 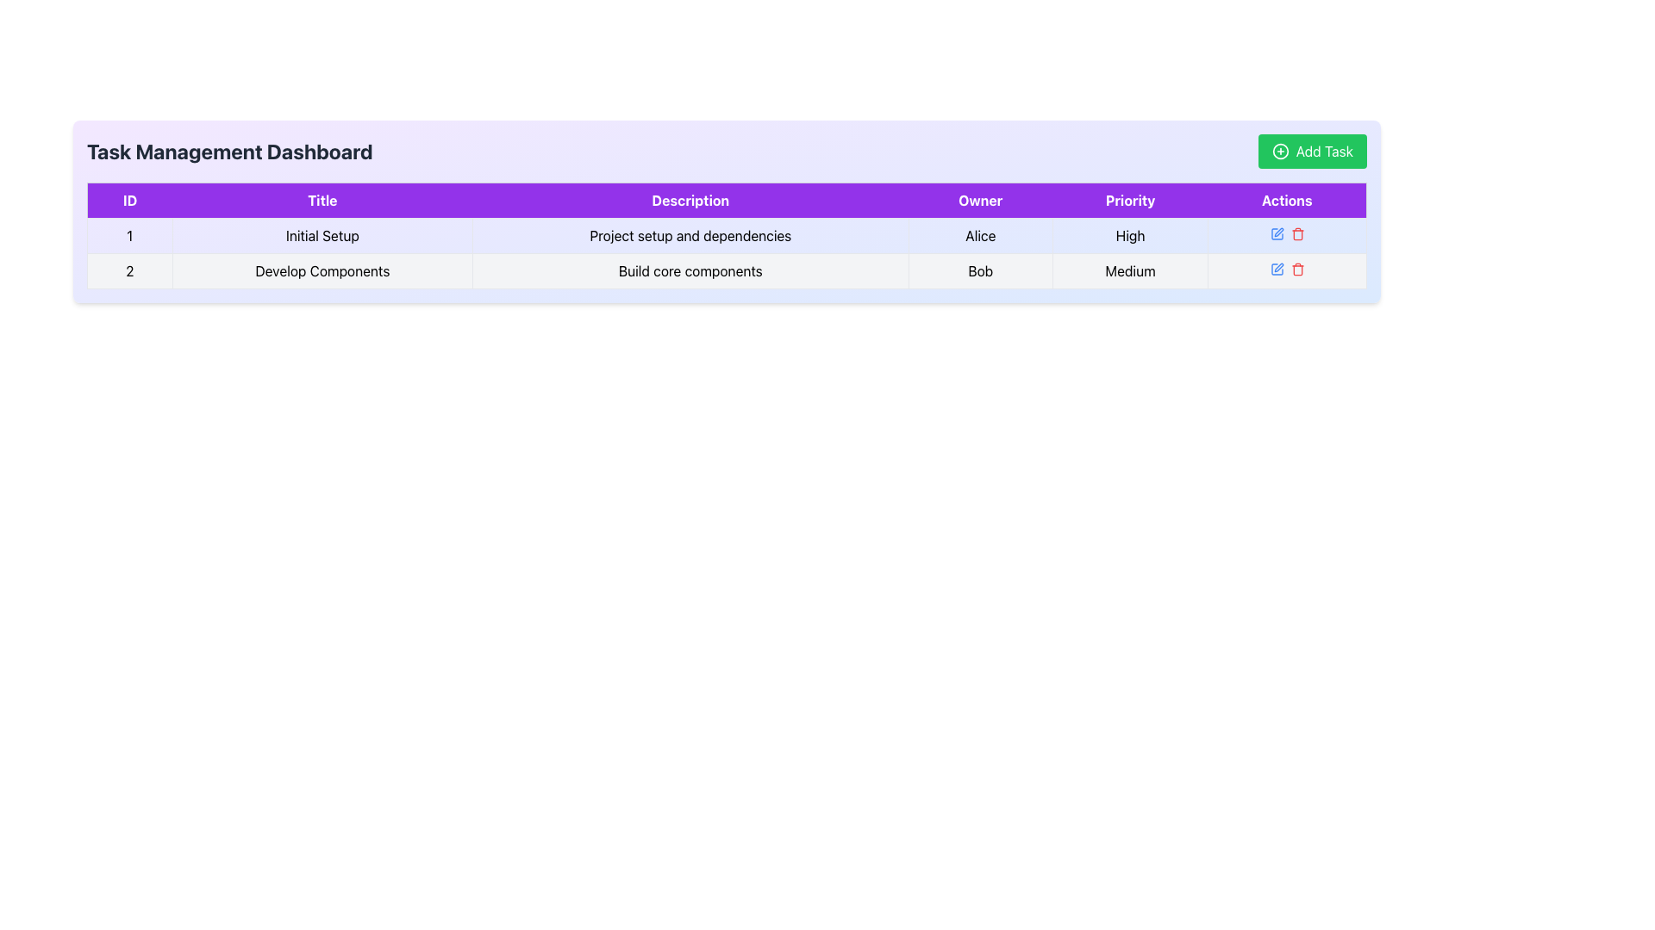 I want to click on the square-shaped icon with rounded lines located in the 'Actions' column of the second row of the table, so click(x=1277, y=234).